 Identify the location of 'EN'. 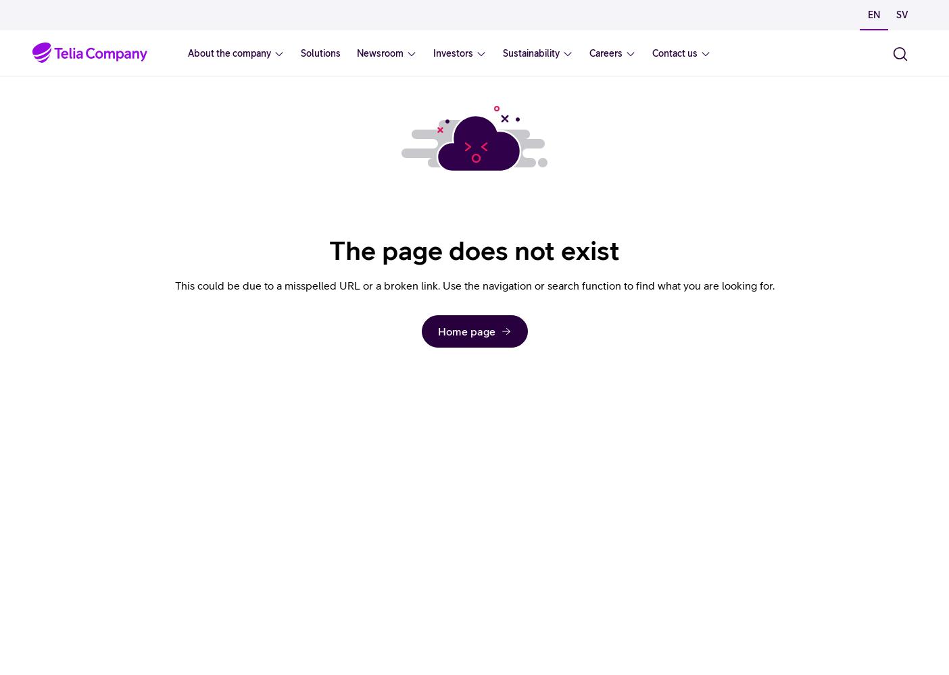
(873, 15).